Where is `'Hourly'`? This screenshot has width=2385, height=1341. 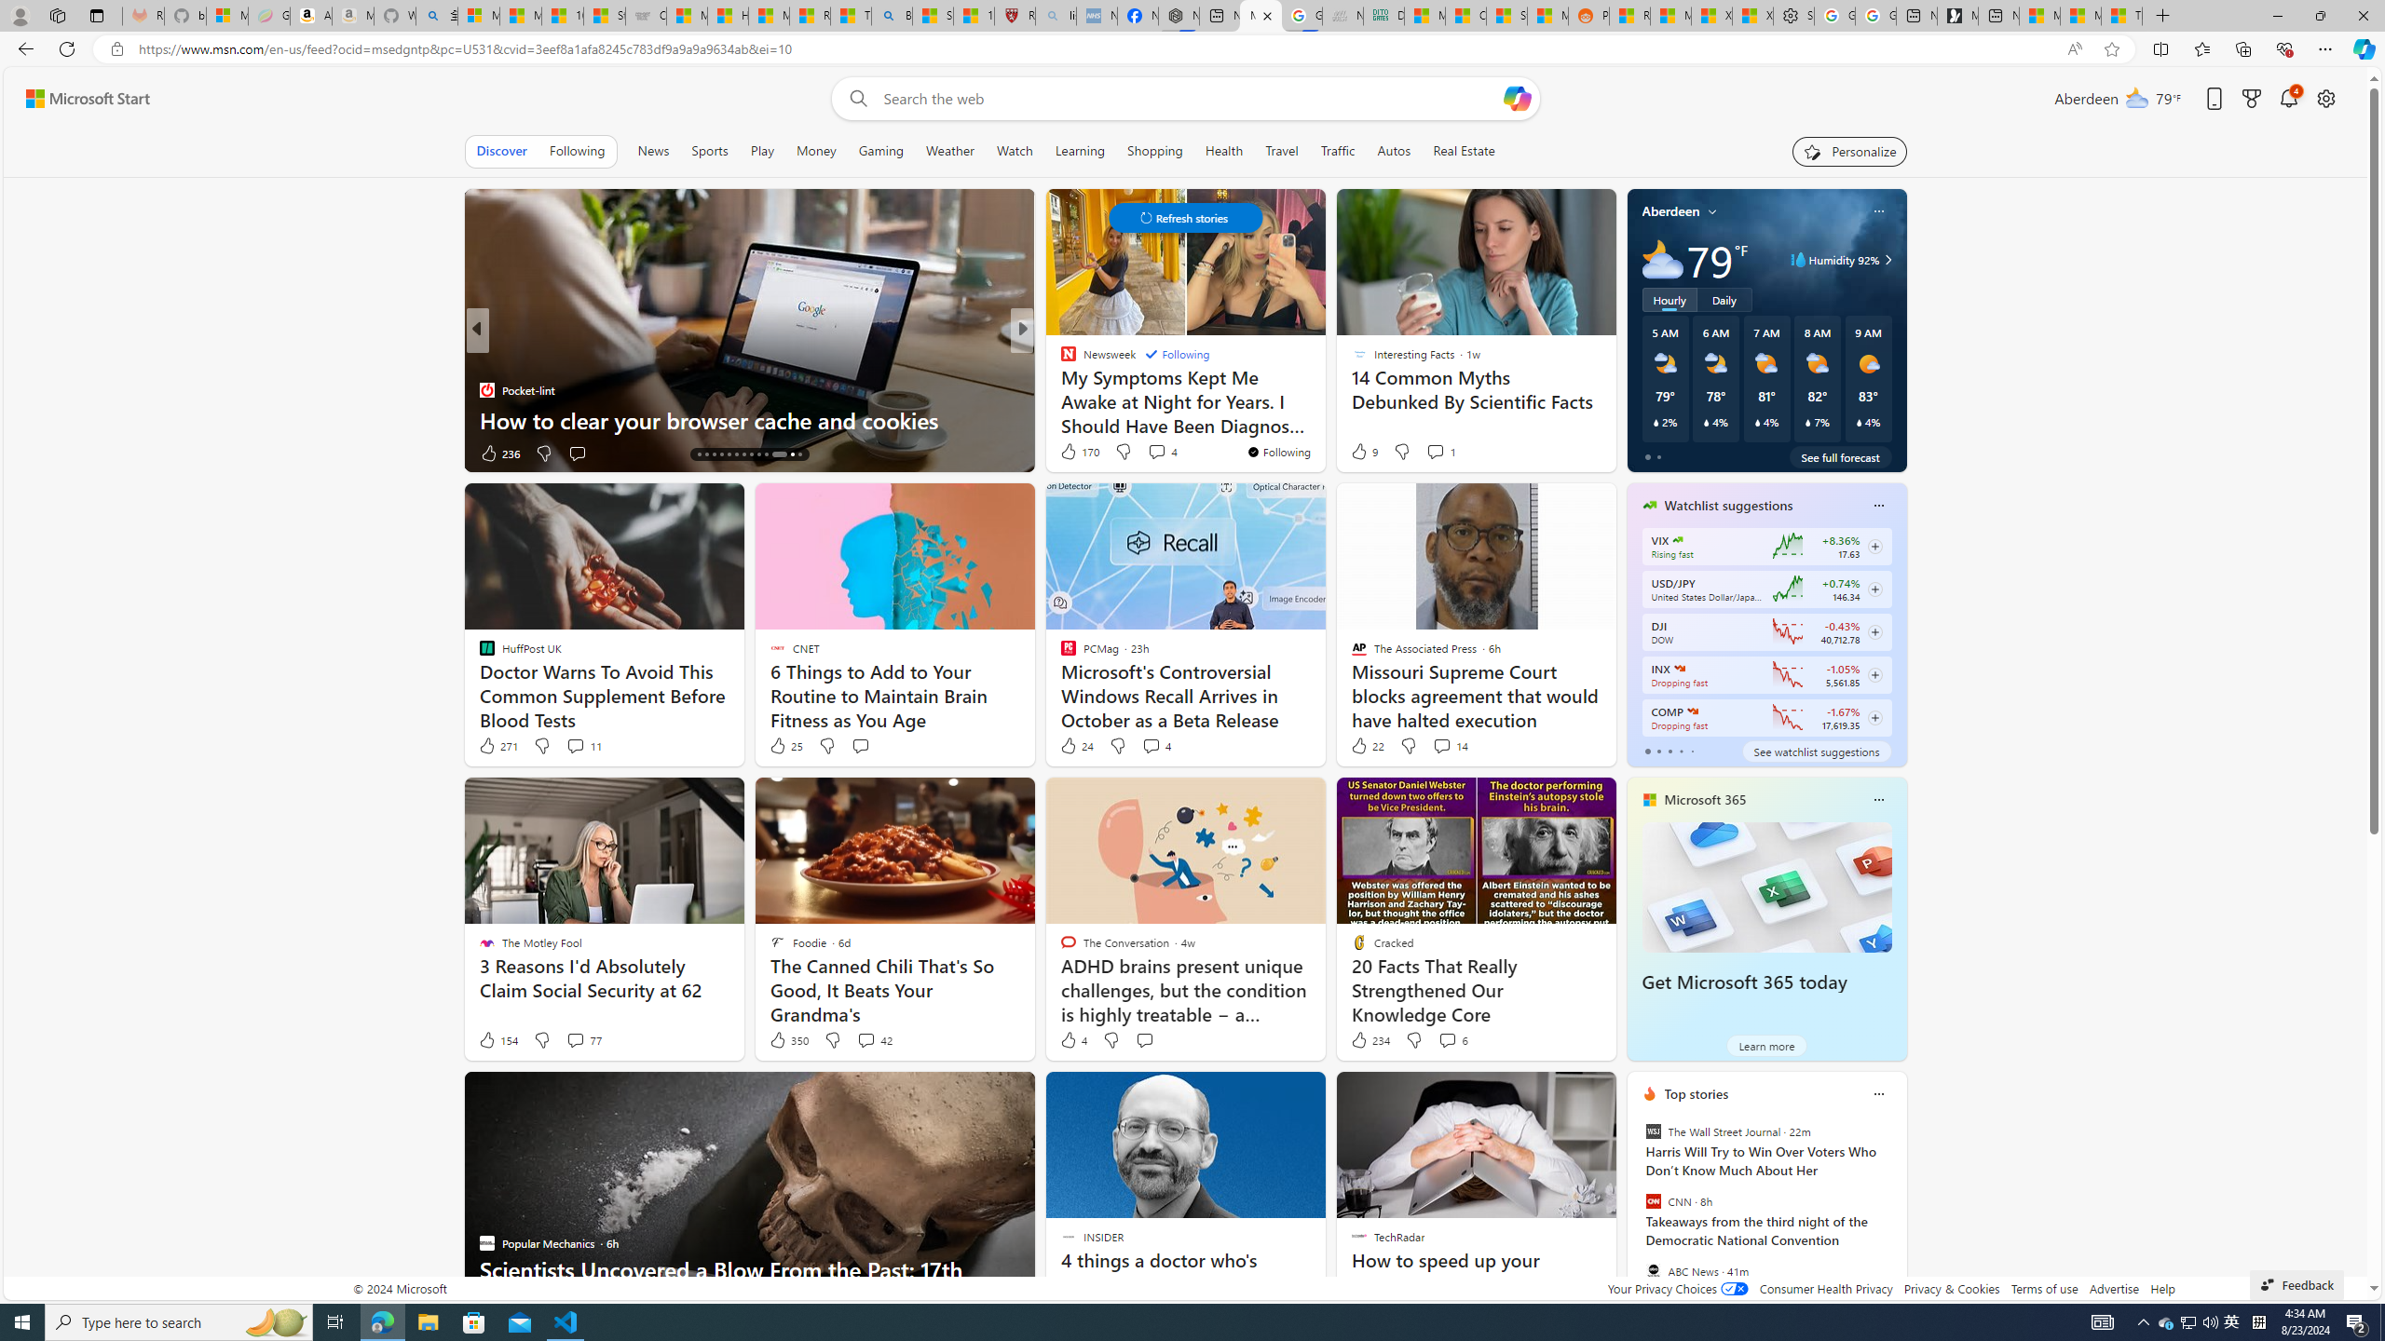
'Hourly' is located at coordinates (1669, 299).